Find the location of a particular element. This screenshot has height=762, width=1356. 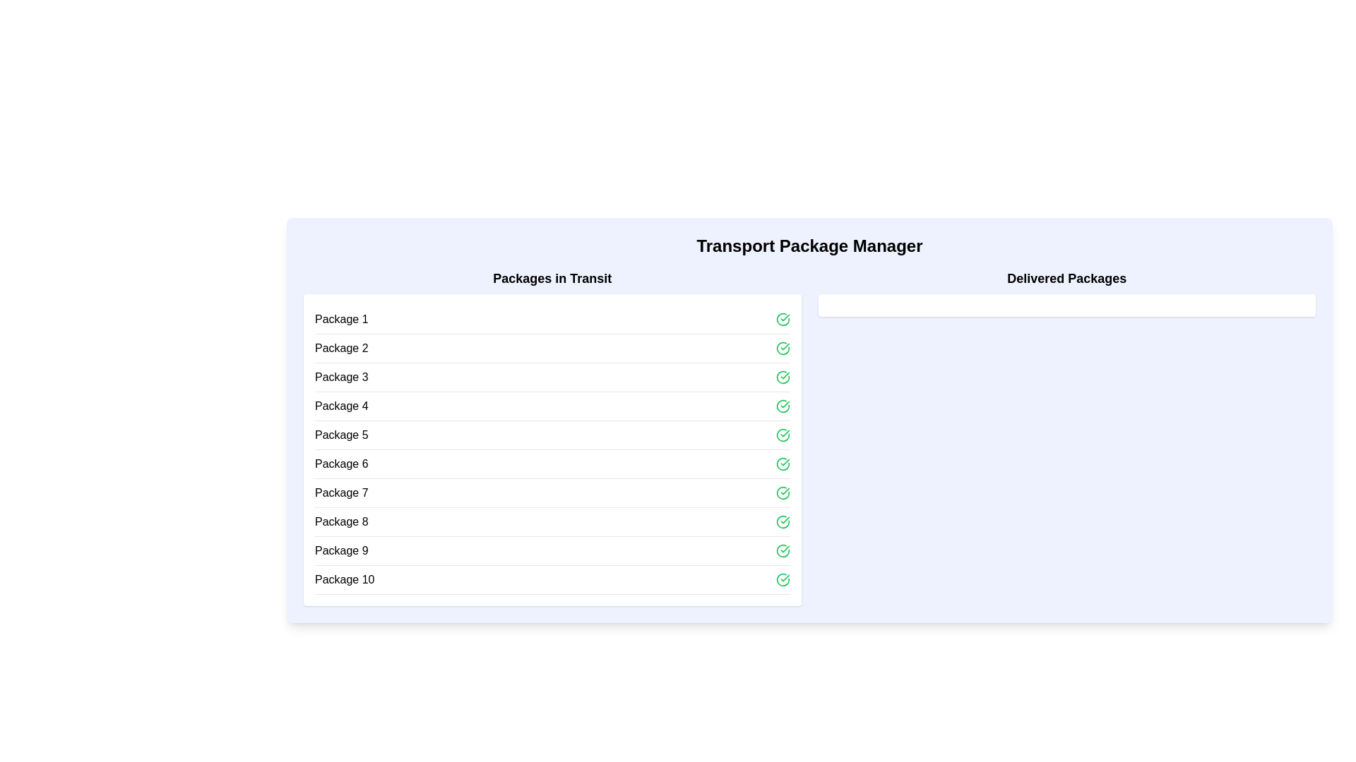

the 'Package 8' text label in the list of packages under 'Packages in Transit' is located at coordinates (341, 522).